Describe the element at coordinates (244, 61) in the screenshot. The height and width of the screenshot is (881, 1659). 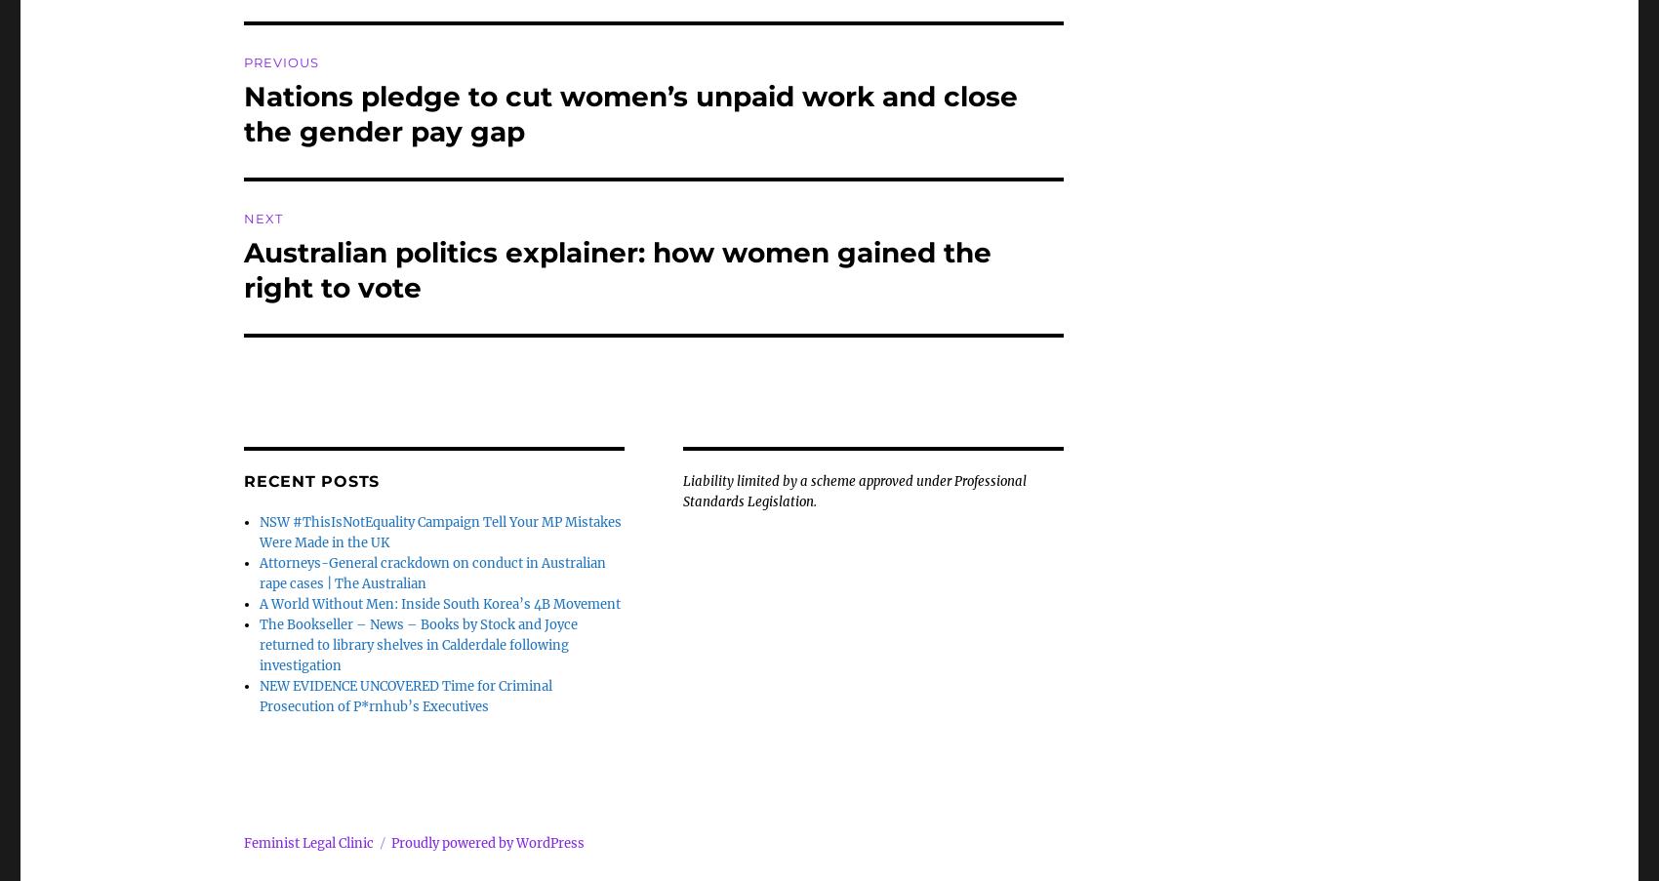
I see `'Previous'` at that location.